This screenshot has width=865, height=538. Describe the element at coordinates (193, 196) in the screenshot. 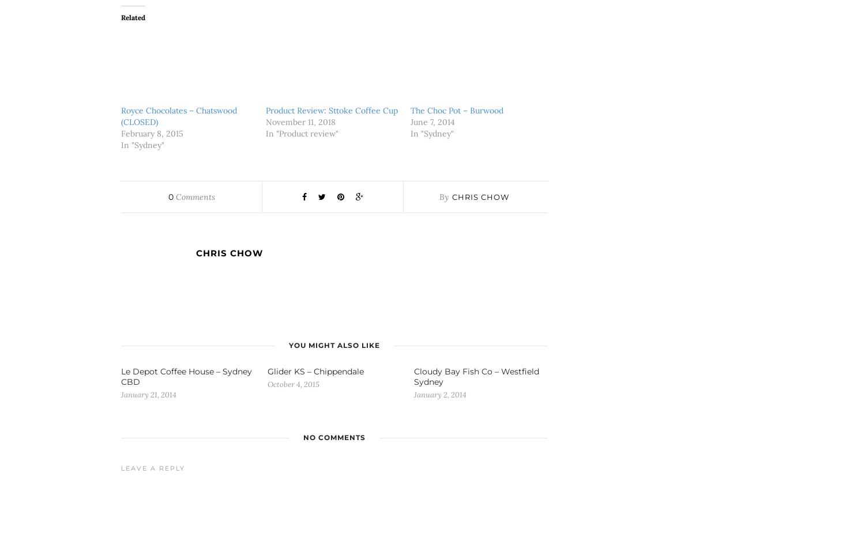

I see `'Comments'` at that location.